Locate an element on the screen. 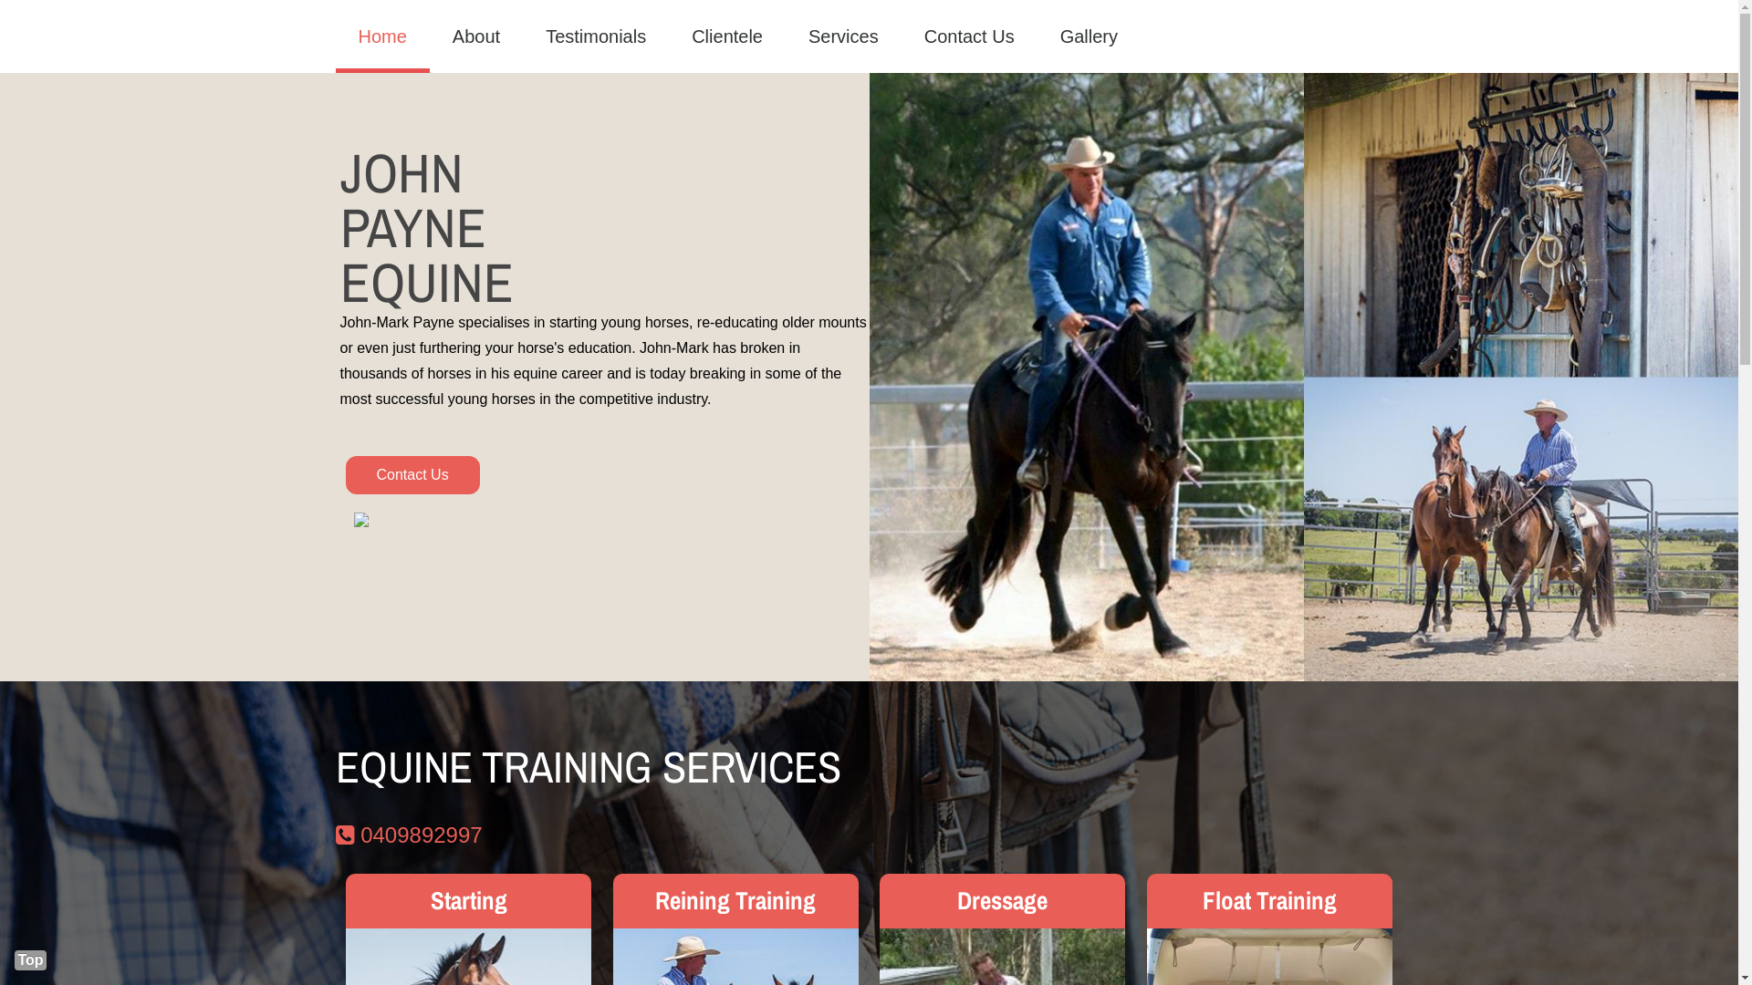 The image size is (1752, 985). 'About' is located at coordinates (428, 36).